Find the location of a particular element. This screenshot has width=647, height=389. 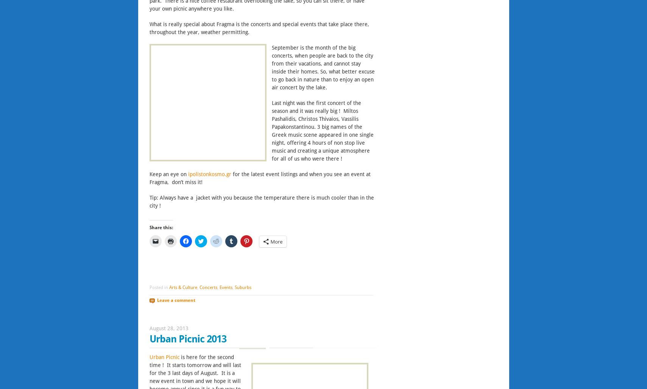

'ipolistonkosmo.gr' is located at coordinates (187, 174).